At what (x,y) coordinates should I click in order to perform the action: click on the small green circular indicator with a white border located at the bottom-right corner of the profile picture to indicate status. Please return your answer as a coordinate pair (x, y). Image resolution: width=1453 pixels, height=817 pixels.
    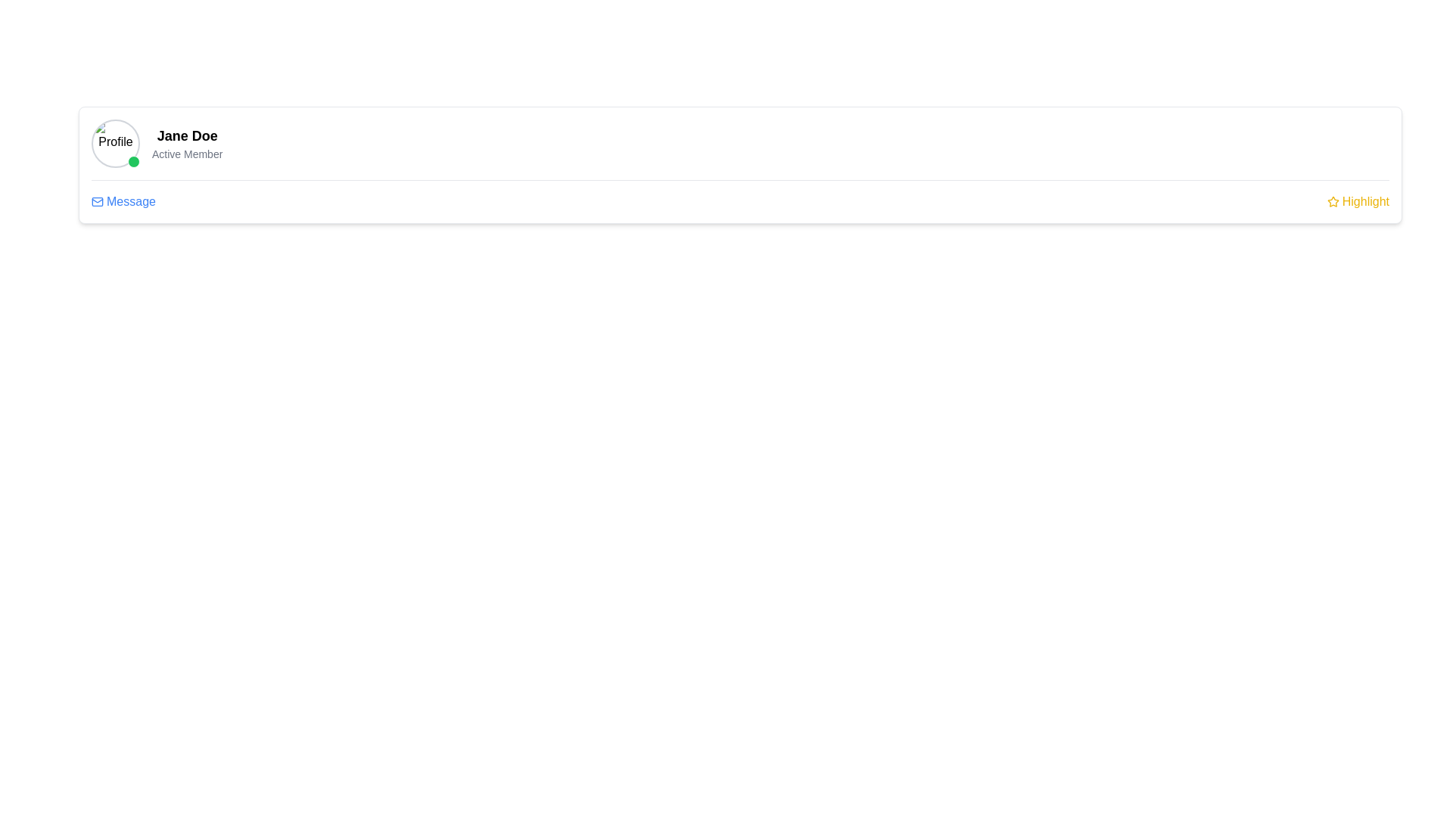
    Looking at the image, I should click on (134, 161).